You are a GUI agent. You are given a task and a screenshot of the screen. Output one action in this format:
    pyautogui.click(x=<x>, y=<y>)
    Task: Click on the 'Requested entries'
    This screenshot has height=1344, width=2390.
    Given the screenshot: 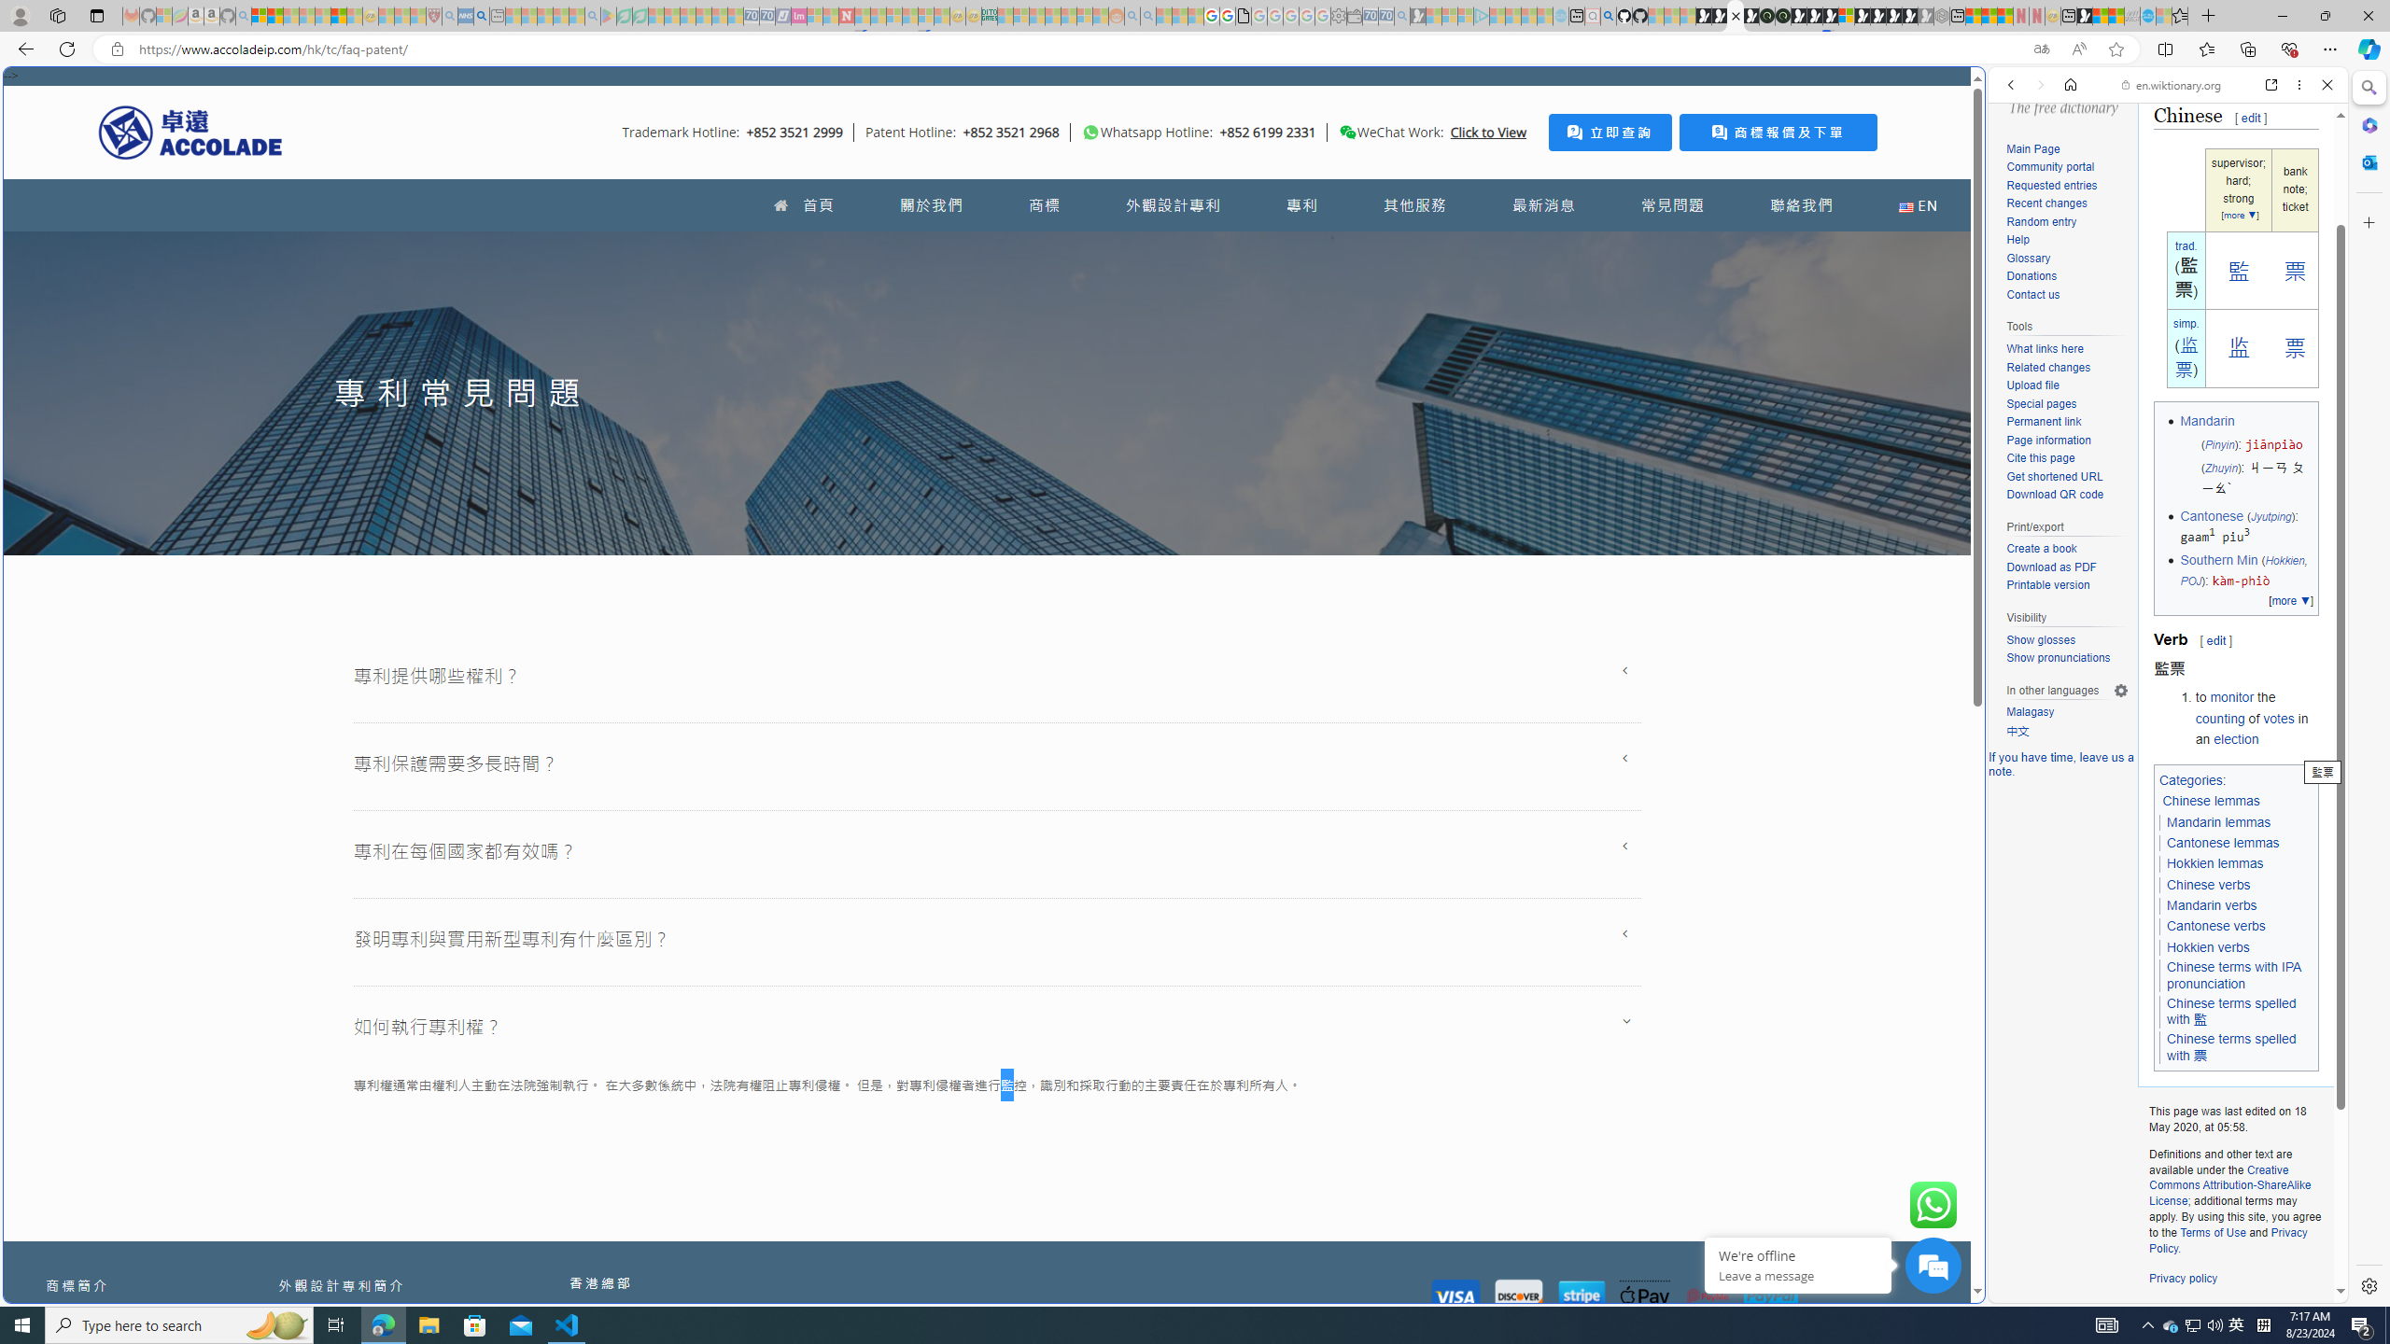 What is the action you would take?
    pyautogui.click(x=2051, y=185)
    